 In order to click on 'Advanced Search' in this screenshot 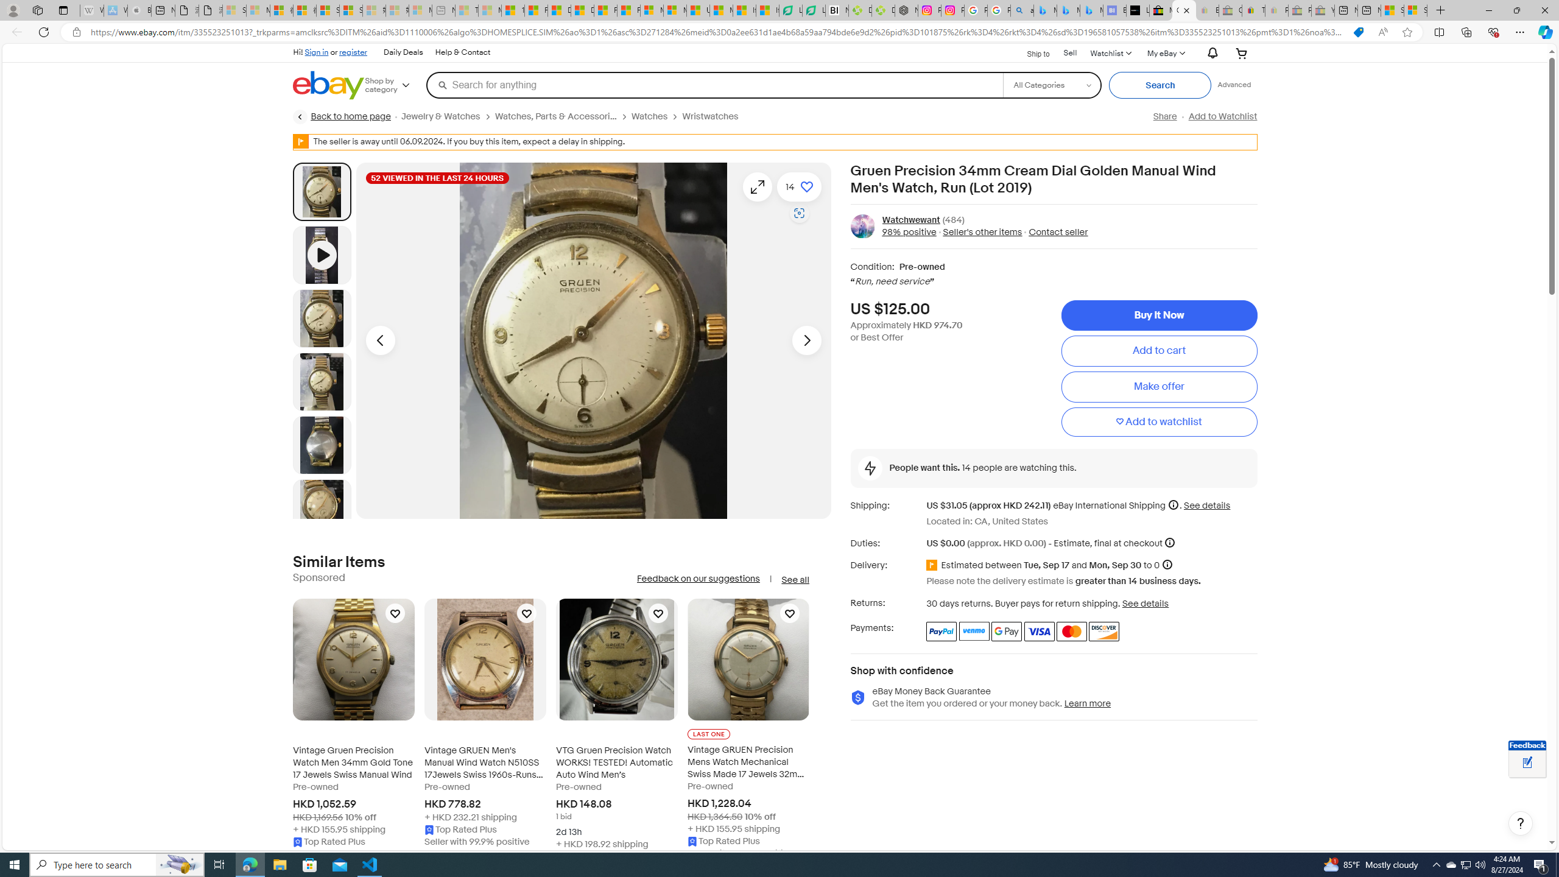, I will do `click(1234, 84)`.